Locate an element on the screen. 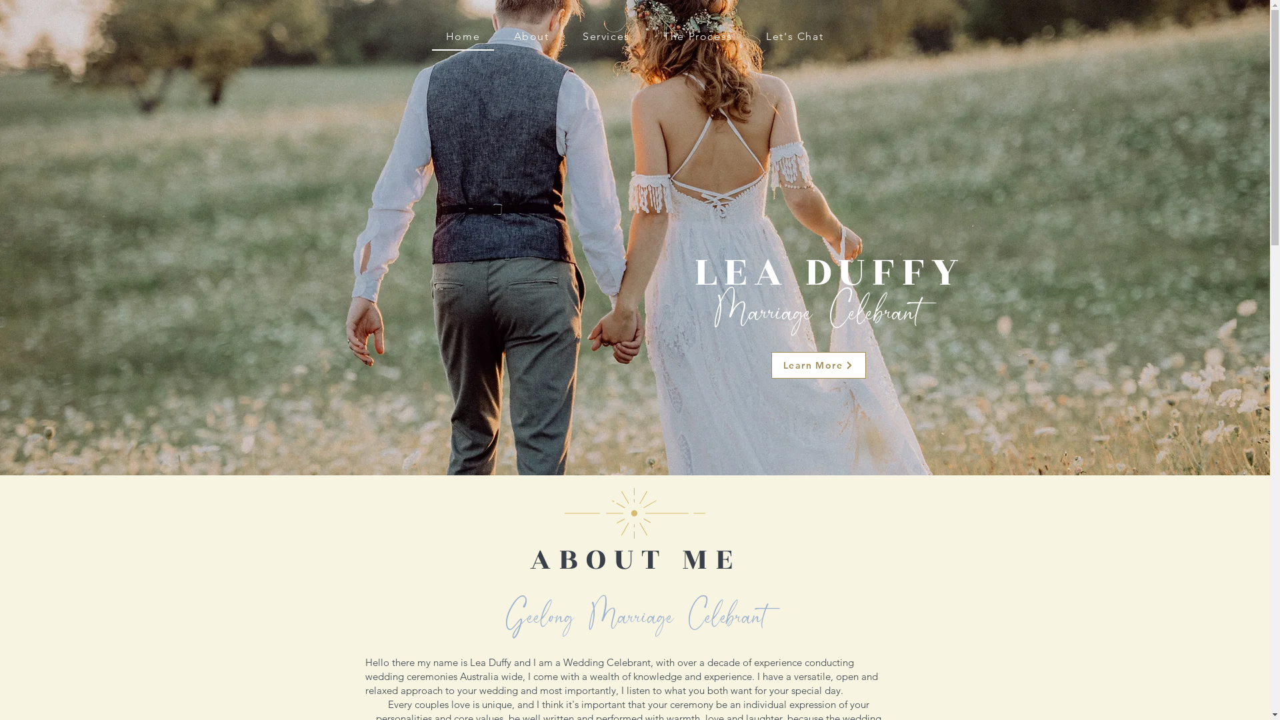 The width and height of the screenshot is (1280, 720). 'Let's Chat' is located at coordinates (794, 35).